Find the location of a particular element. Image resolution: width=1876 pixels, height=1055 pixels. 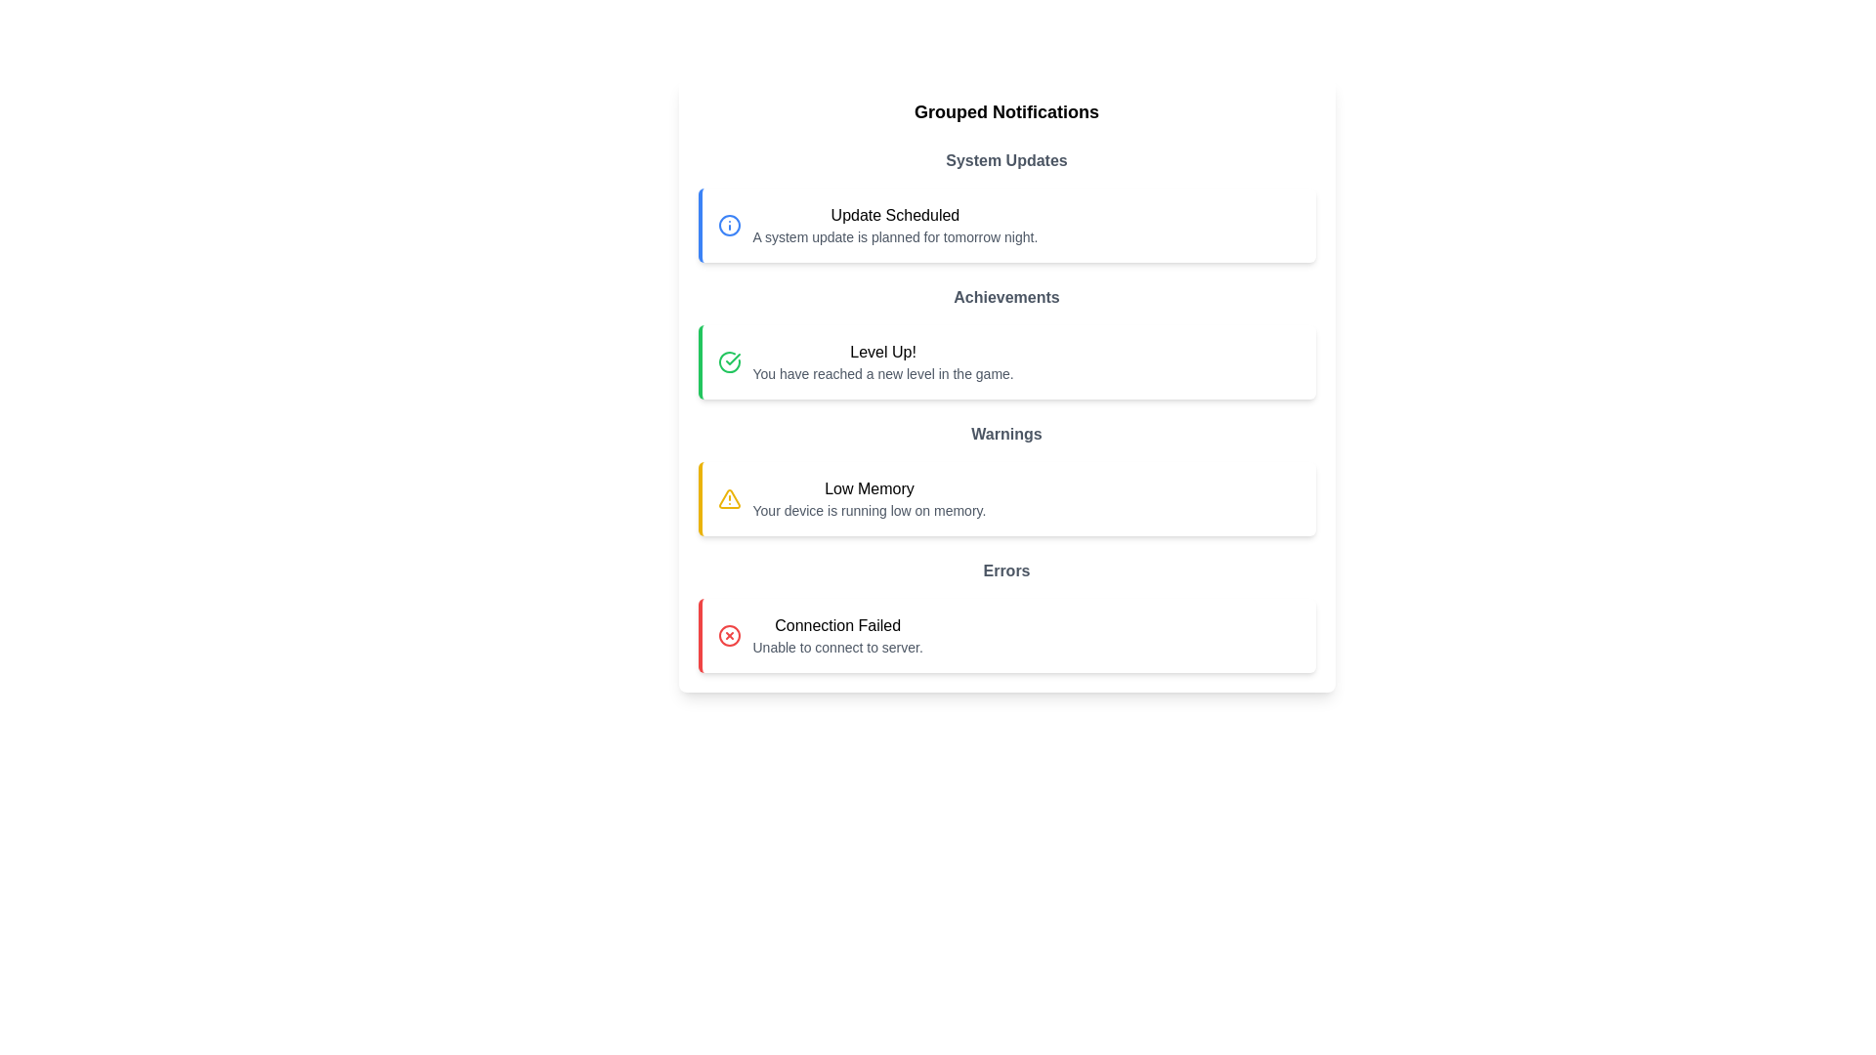

the Notification Card marked with 'Achievements' that contains the message 'Level Up!' and is located in the center-left portion of the interface is located at coordinates (1006, 342).